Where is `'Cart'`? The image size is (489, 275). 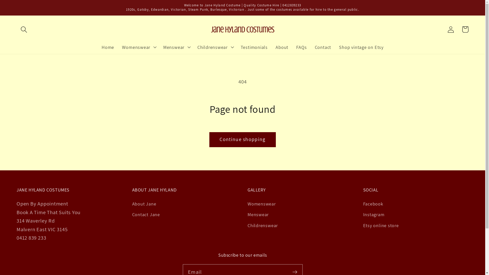 'Cart' is located at coordinates (465, 29).